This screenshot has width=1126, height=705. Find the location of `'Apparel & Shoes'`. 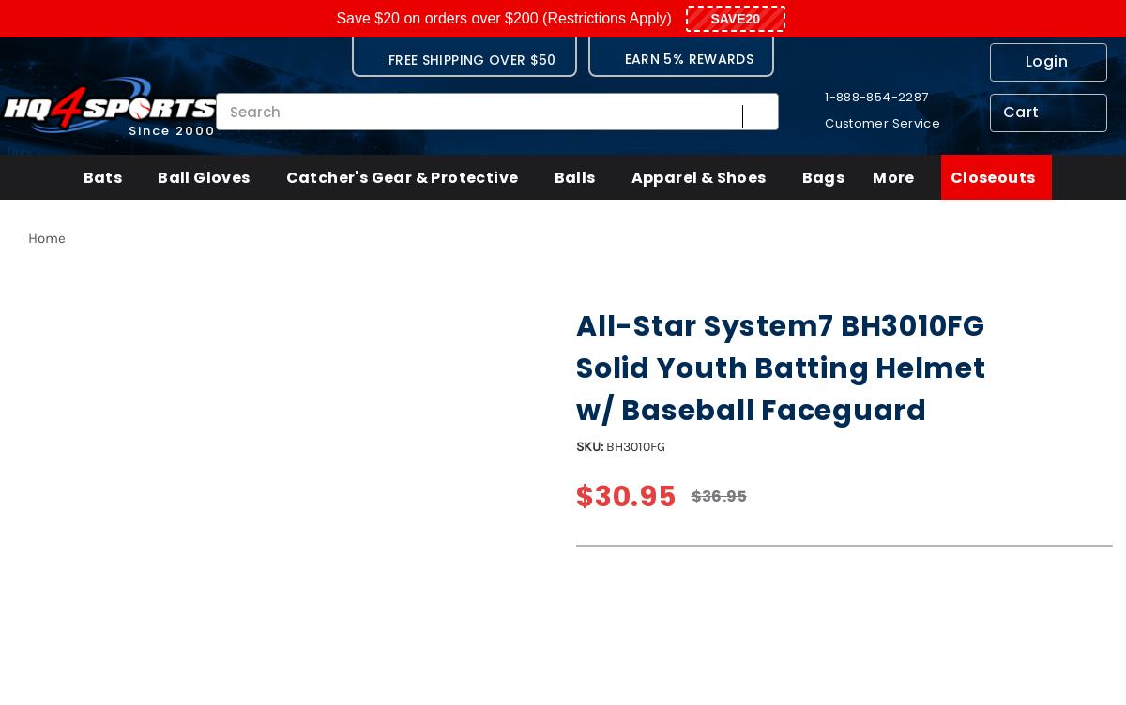

'Apparel & Shoes' is located at coordinates (698, 176).